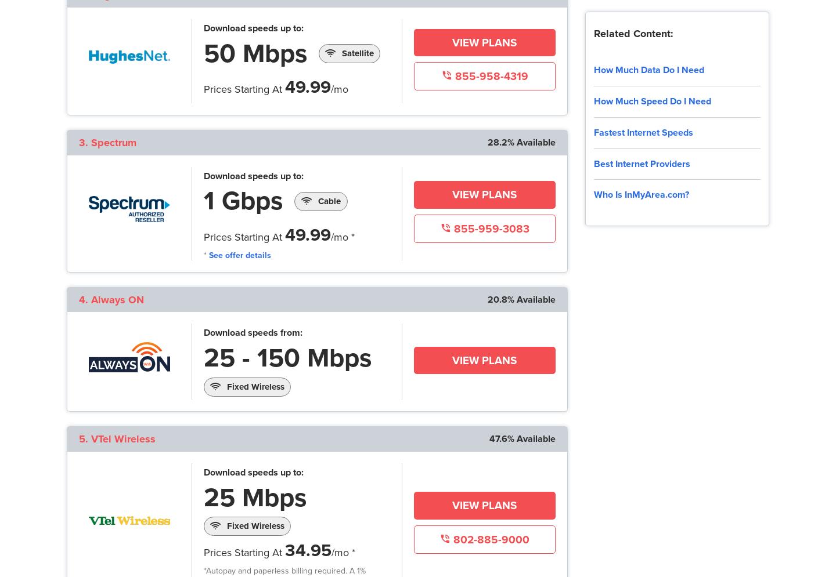  I want to click on 'Fastest Internet Speeds', so click(642, 131).